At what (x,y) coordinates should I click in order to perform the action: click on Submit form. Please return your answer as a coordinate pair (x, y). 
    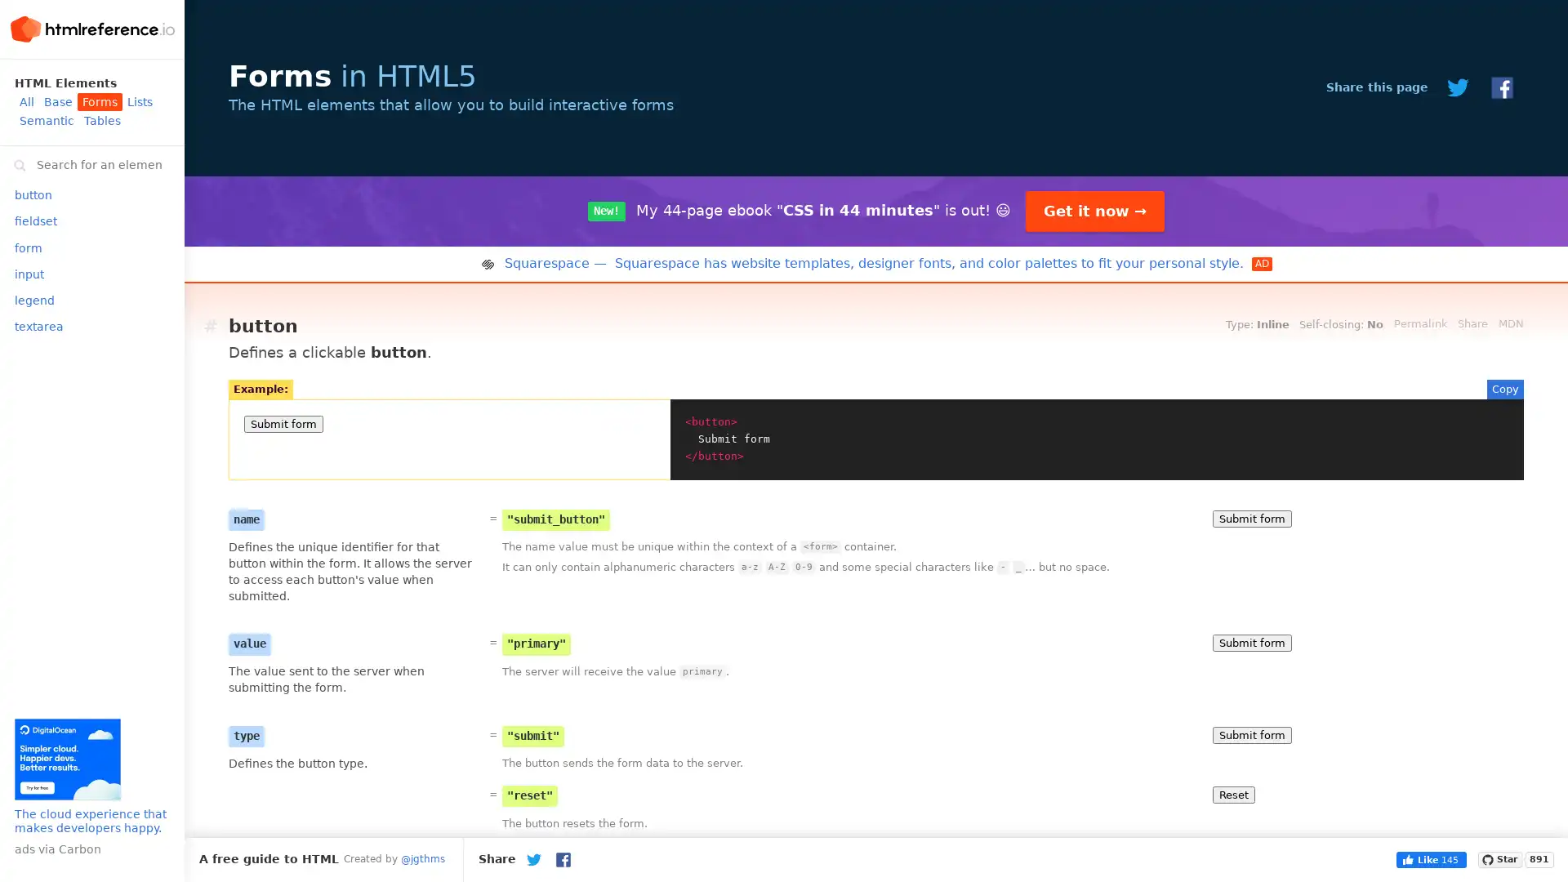
    Looking at the image, I should click on (1251, 733).